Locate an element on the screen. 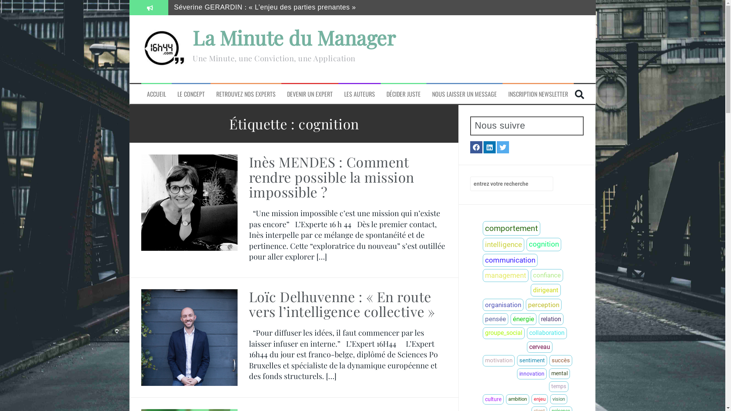  'organisation' is located at coordinates (503, 304).